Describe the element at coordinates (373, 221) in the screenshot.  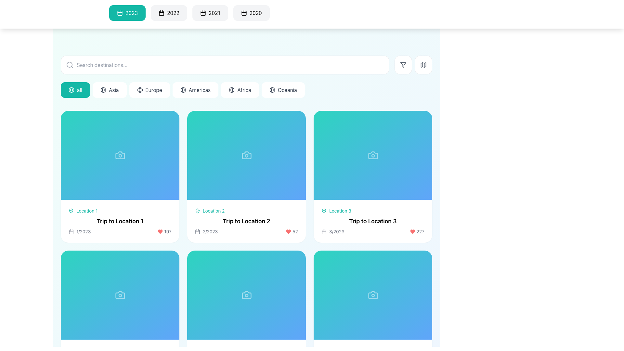
I see `the trip summary card located in the third column of the top row, which provides an overview of the trip's title, location, date, and popularity metrics` at that location.